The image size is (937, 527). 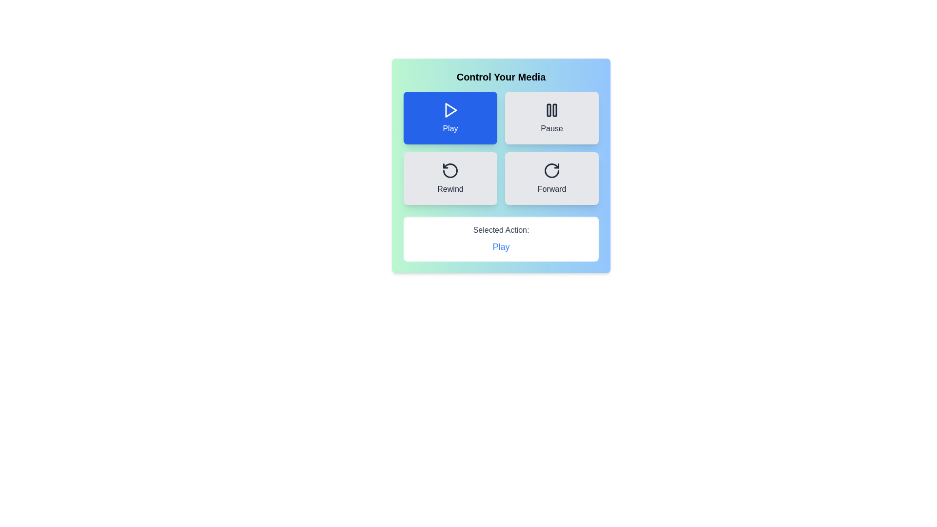 I want to click on the Pause button to select the corresponding action, so click(x=552, y=118).